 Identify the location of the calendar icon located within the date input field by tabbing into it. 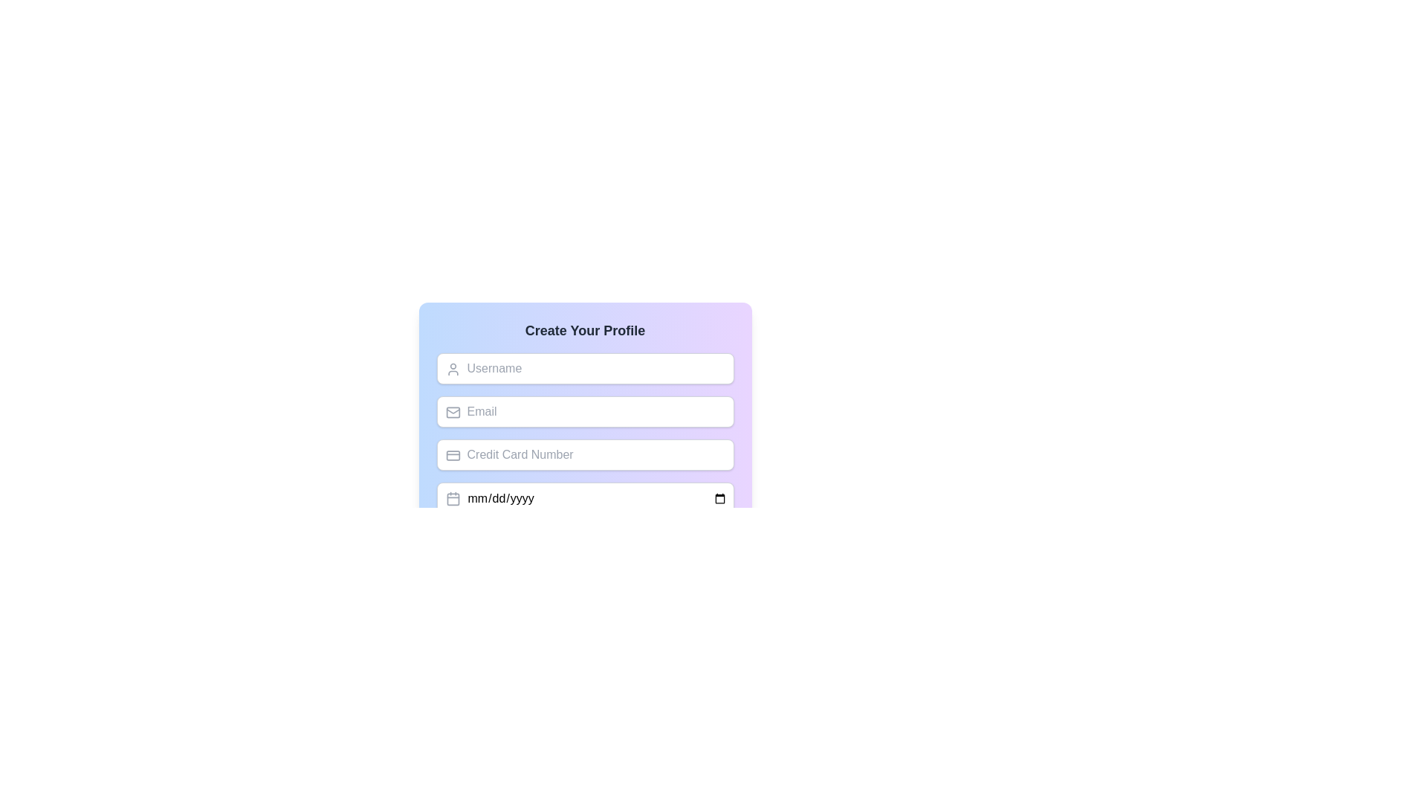
(452, 499).